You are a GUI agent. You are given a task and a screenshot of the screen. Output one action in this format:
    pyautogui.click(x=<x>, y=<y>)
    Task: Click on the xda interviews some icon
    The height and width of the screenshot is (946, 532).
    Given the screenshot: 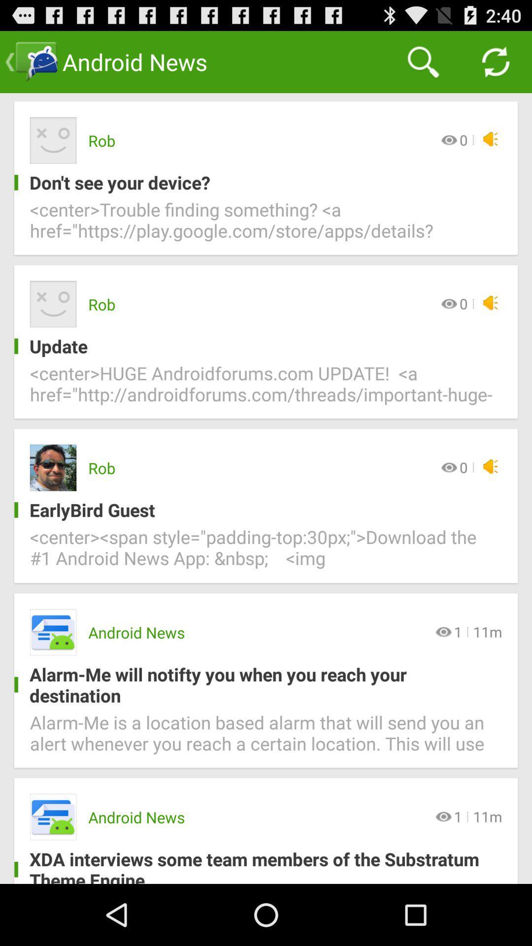 What is the action you would take?
    pyautogui.click(x=258, y=865)
    